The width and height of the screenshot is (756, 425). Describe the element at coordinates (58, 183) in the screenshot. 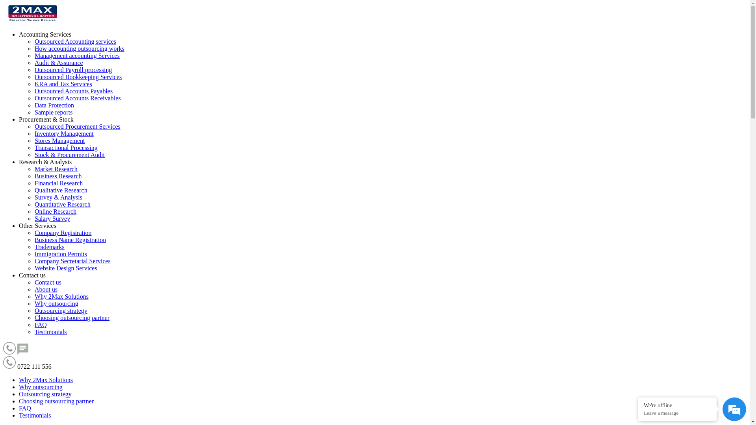

I see `'Financial Research'` at that location.